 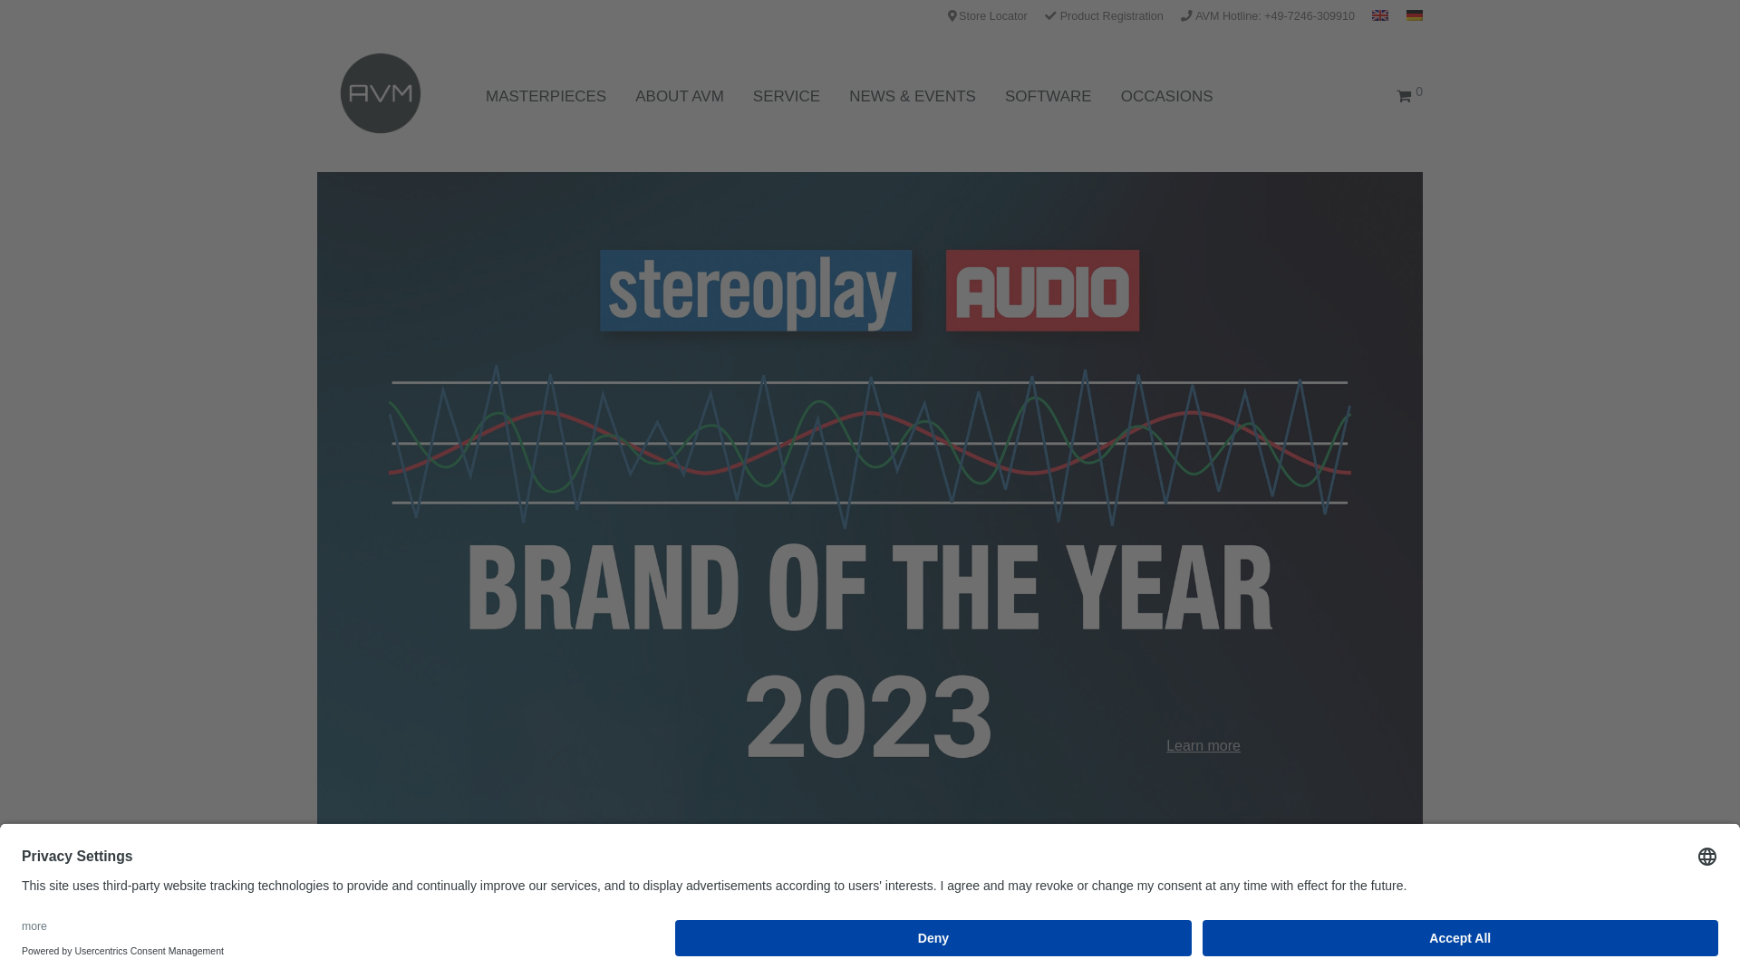 What do you see at coordinates (986, 16) in the screenshot?
I see `'Store Locator'` at bounding box center [986, 16].